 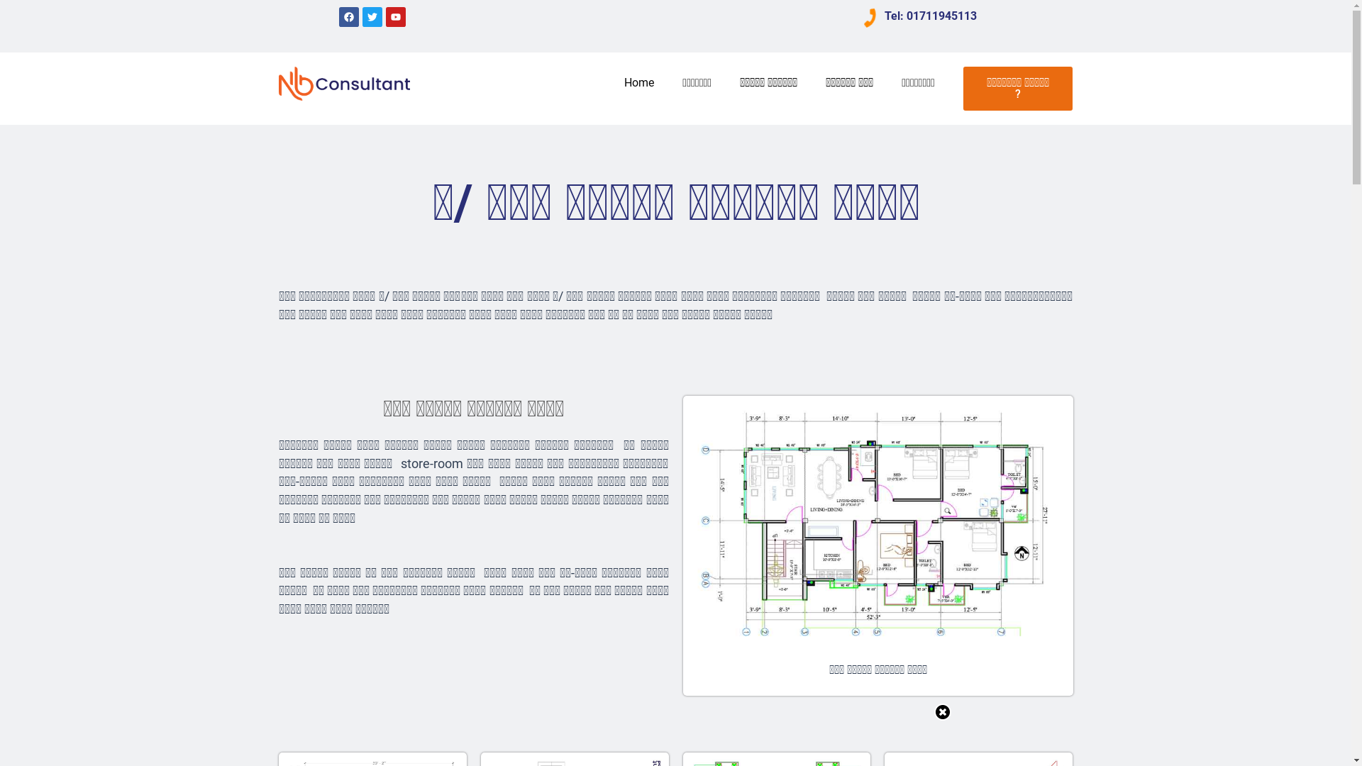 What do you see at coordinates (638, 82) in the screenshot?
I see `'Home'` at bounding box center [638, 82].